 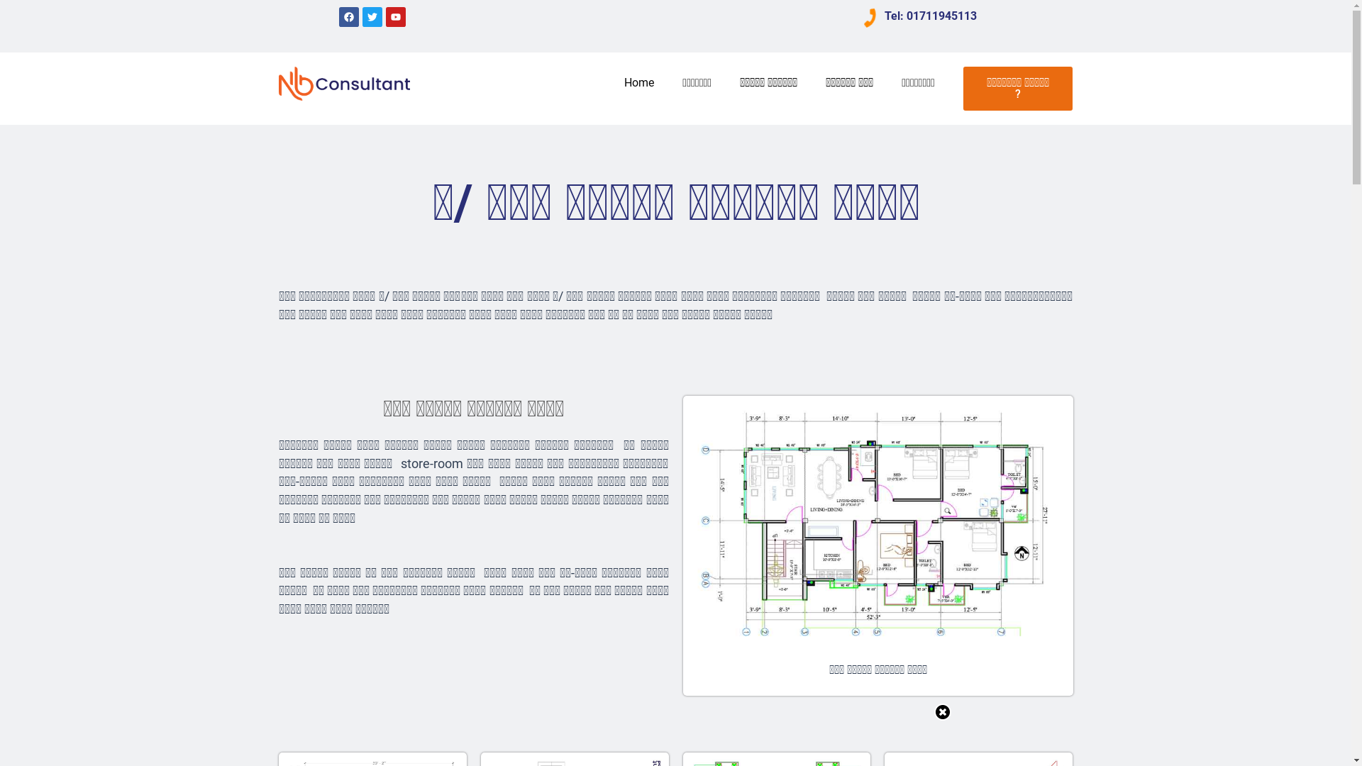 What do you see at coordinates (638, 82) in the screenshot?
I see `'Home'` at bounding box center [638, 82].